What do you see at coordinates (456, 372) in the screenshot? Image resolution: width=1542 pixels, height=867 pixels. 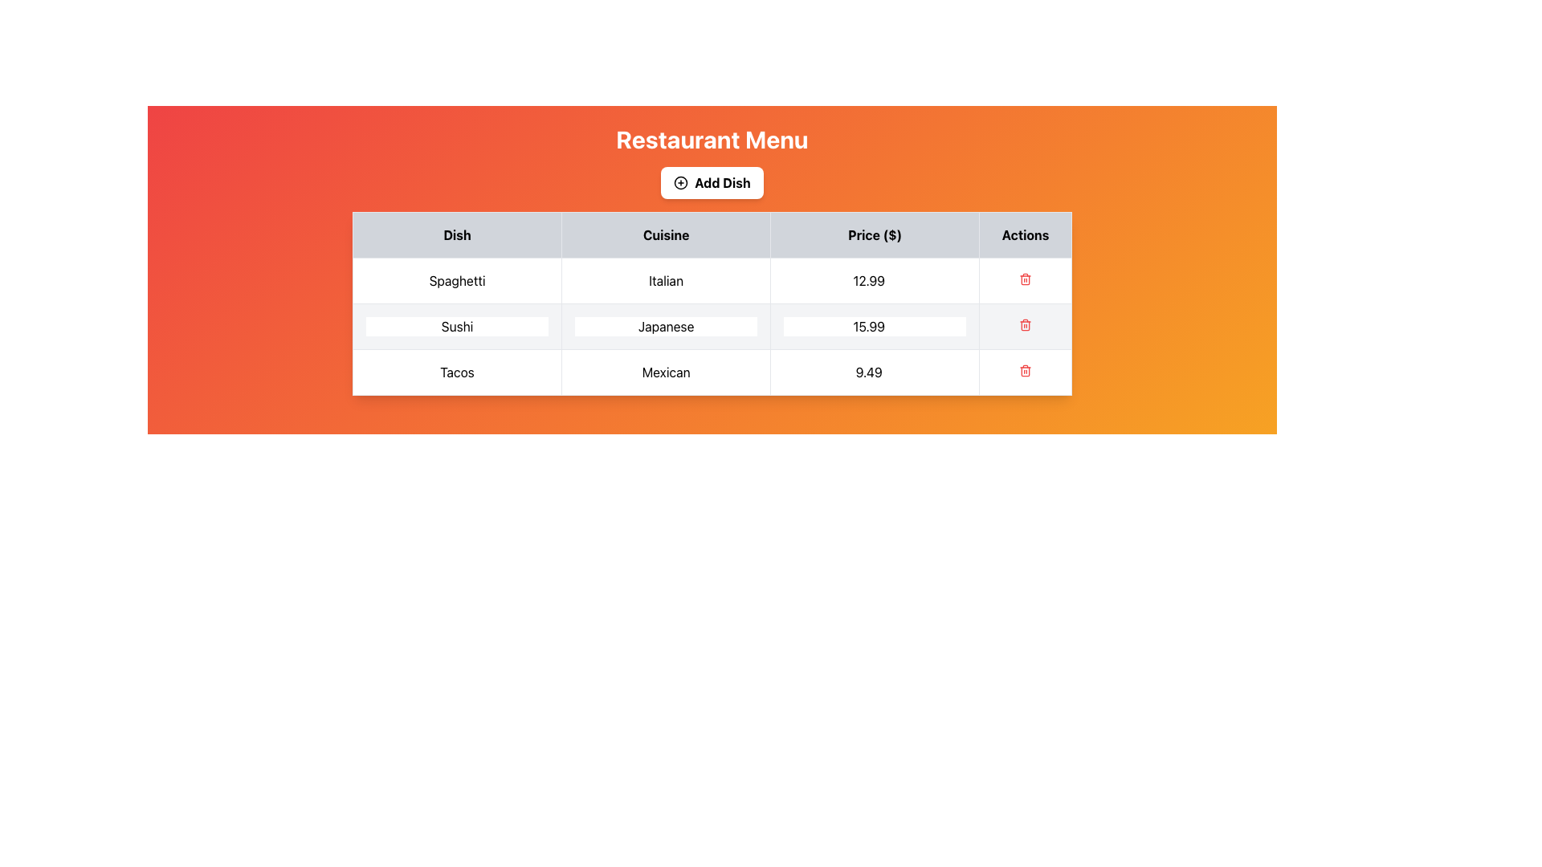 I see `the Text display box in the 'Dish' column of the menu table, located in the leftmost column of the last row, directly under the 'Dish' header and above the row containing 'Mexican'` at bounding box center [456, 372].